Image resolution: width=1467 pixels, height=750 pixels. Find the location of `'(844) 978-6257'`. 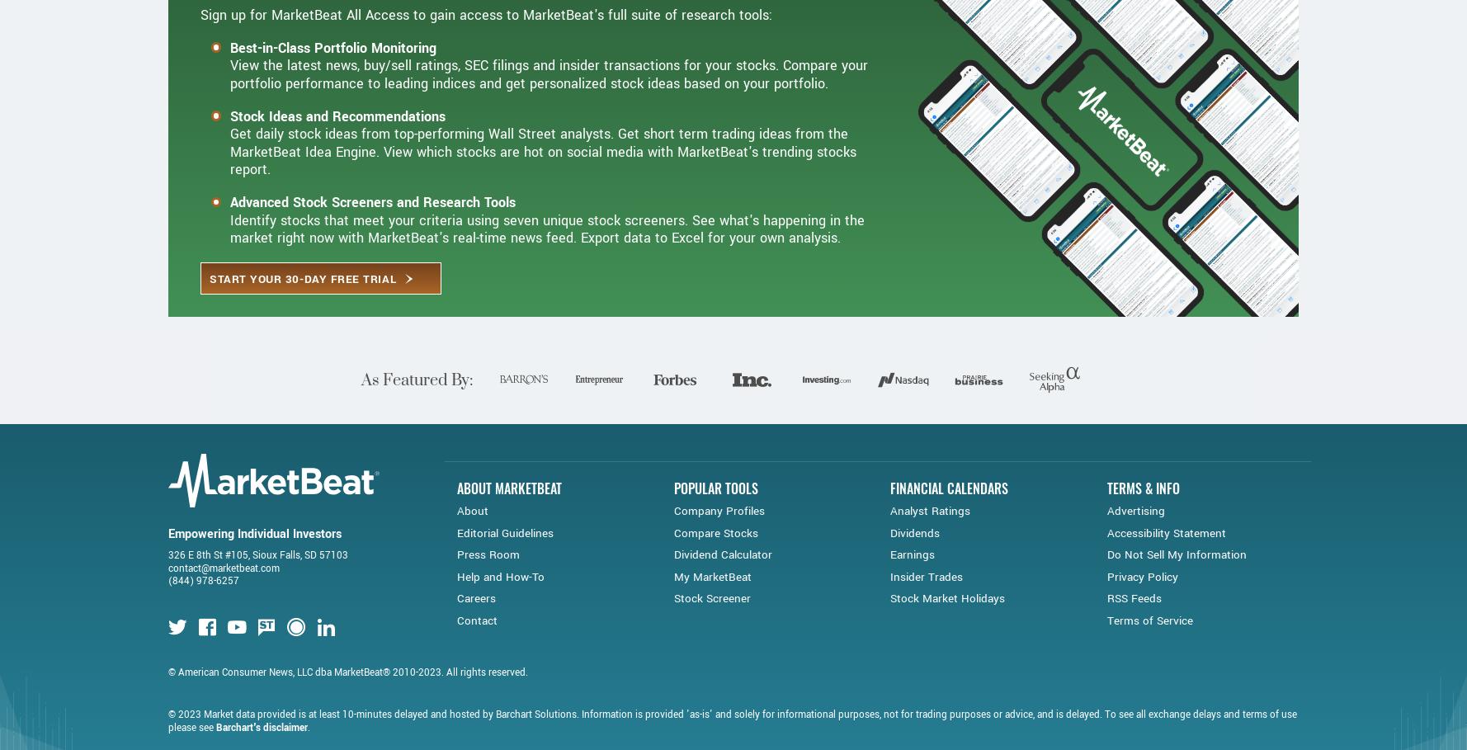

'(844) 978-6257' is located at coordinates (202, 643).